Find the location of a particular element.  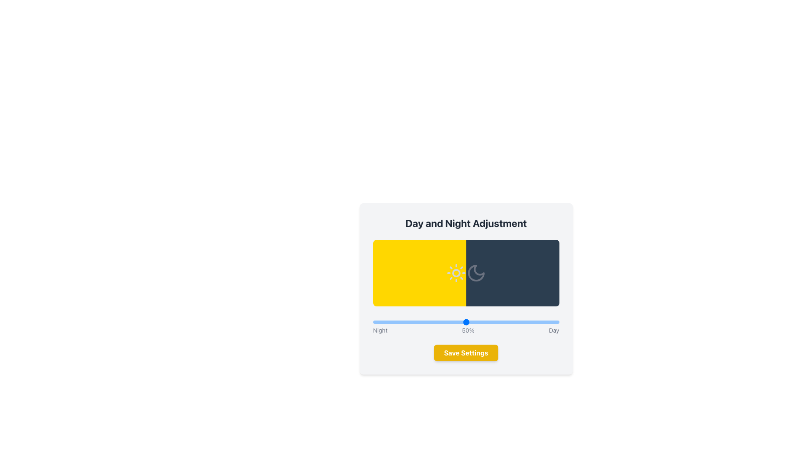

the day-night adjustment is located at coordinates (384, 322).